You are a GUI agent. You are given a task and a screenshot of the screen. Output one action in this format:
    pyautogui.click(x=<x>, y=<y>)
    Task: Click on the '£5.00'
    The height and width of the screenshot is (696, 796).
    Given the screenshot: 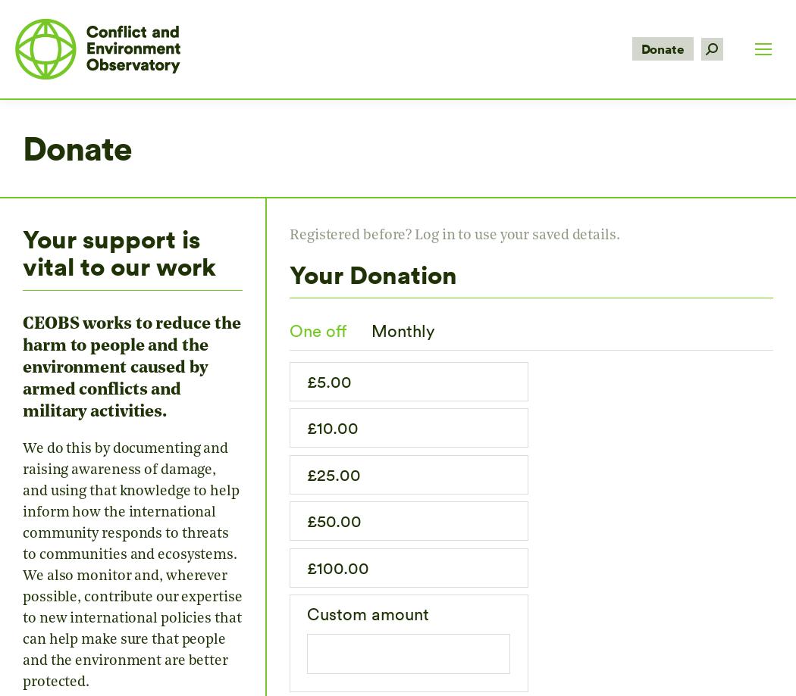 What is the action you would take?
    pyautogui.click(x=328, y=379)
    